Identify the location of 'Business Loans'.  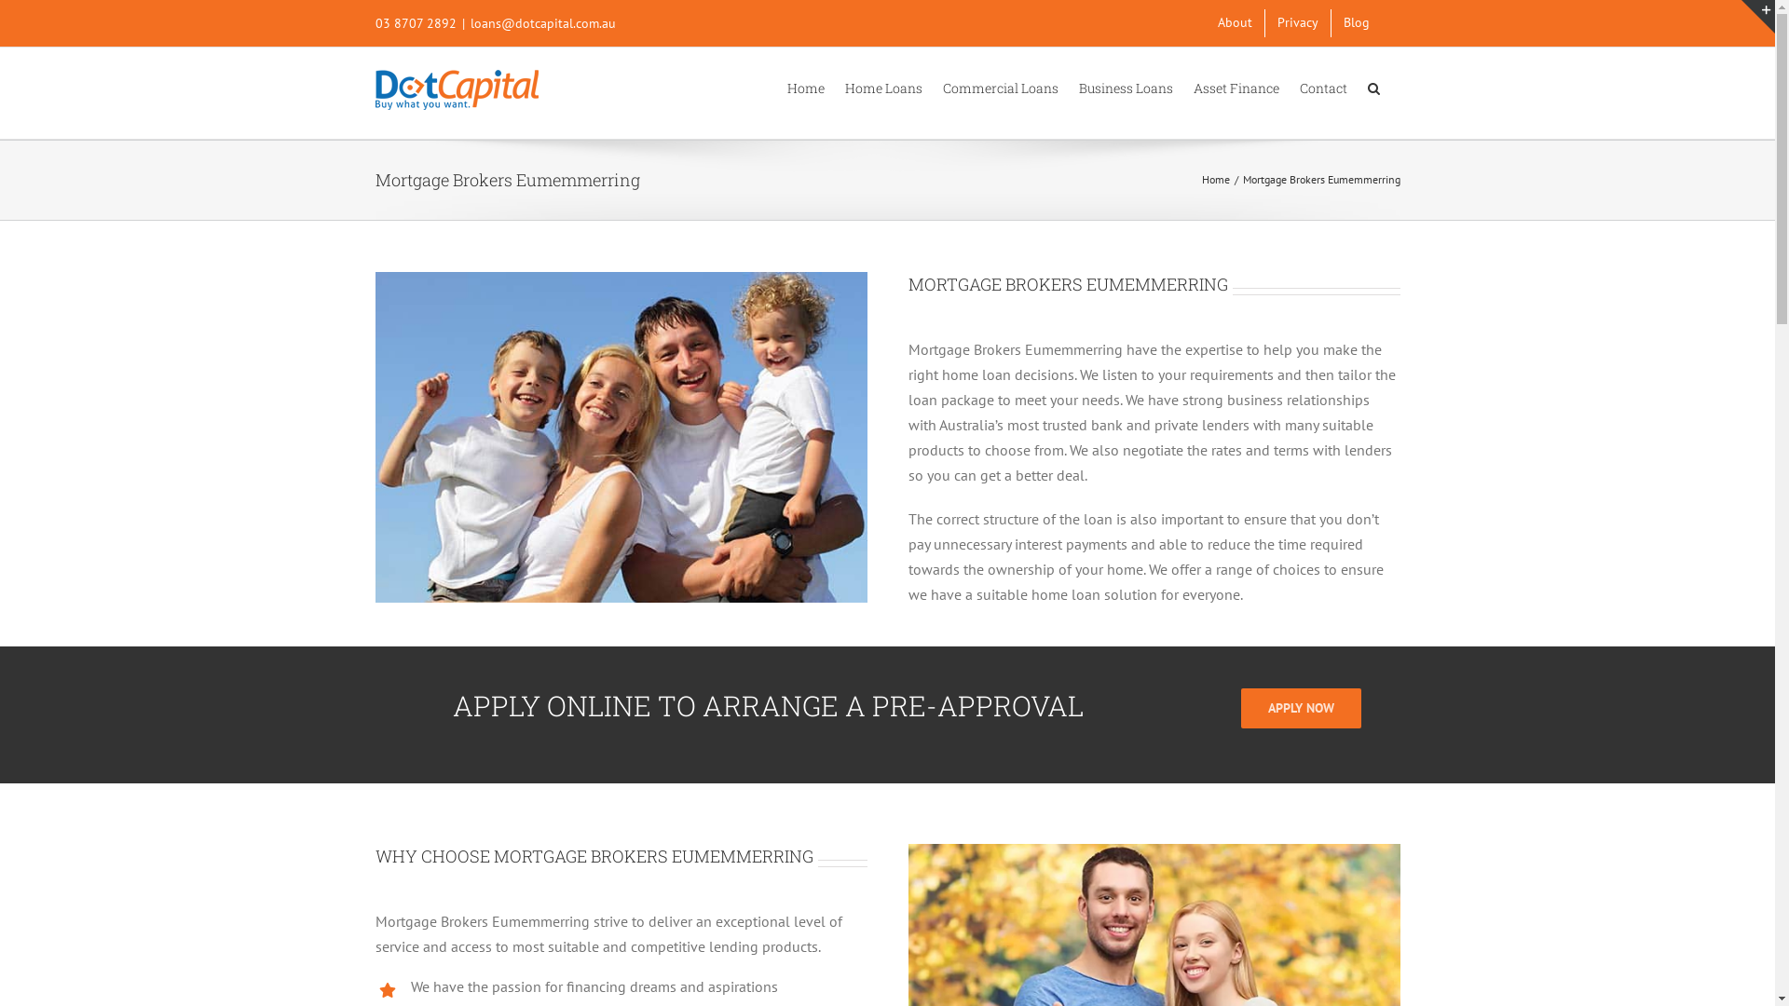
(1125, 86).